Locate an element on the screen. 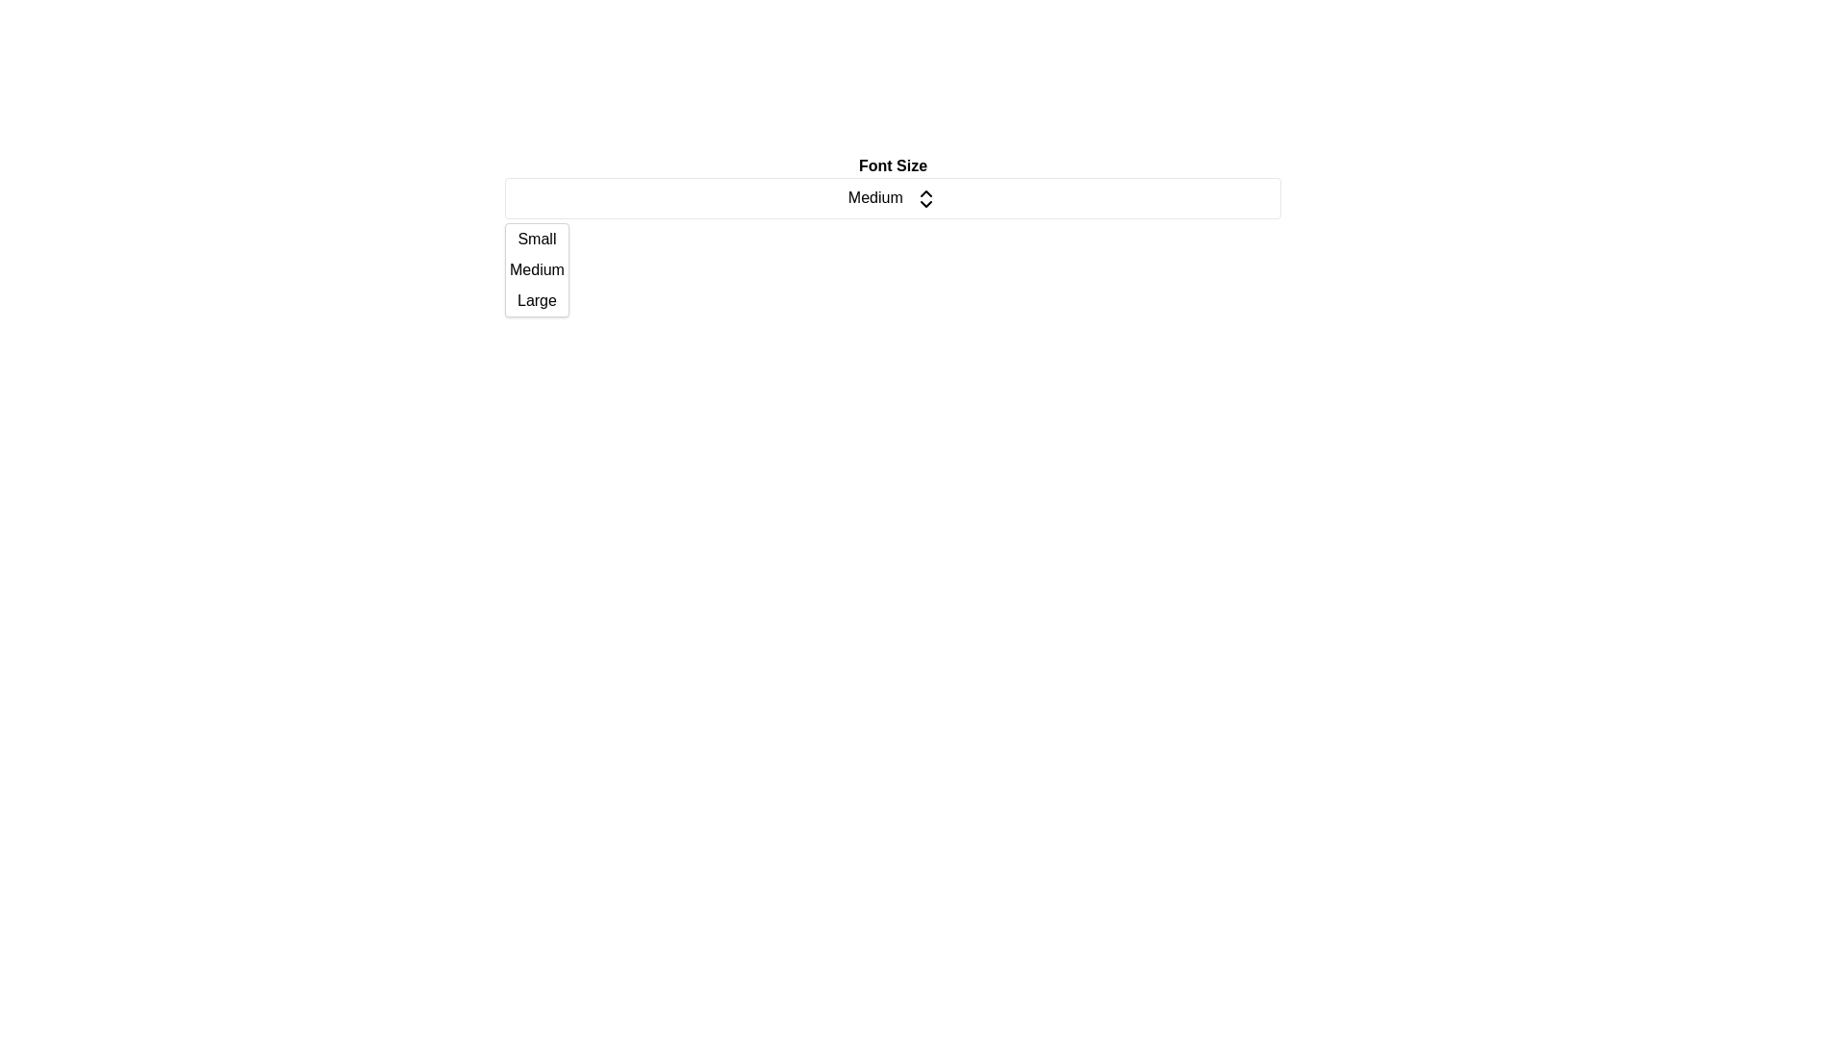 The image size is (1847, 1039). the 'Font Size' dropdown menu is located at coordinates (892, 187).